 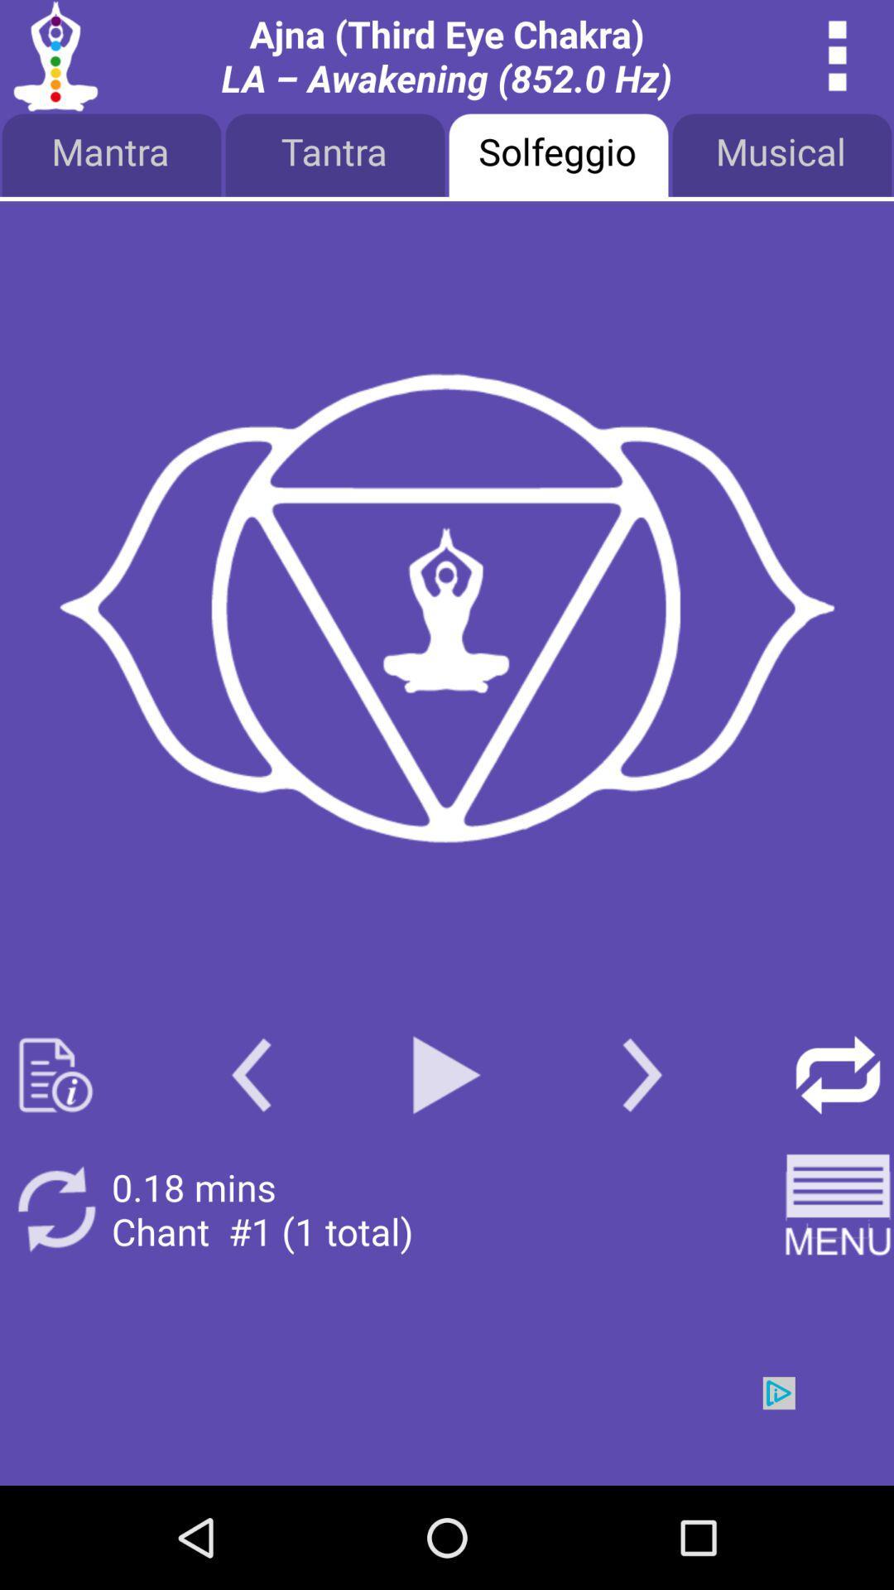 I want to click on the refresh icon, so click(x=55, y=1293).